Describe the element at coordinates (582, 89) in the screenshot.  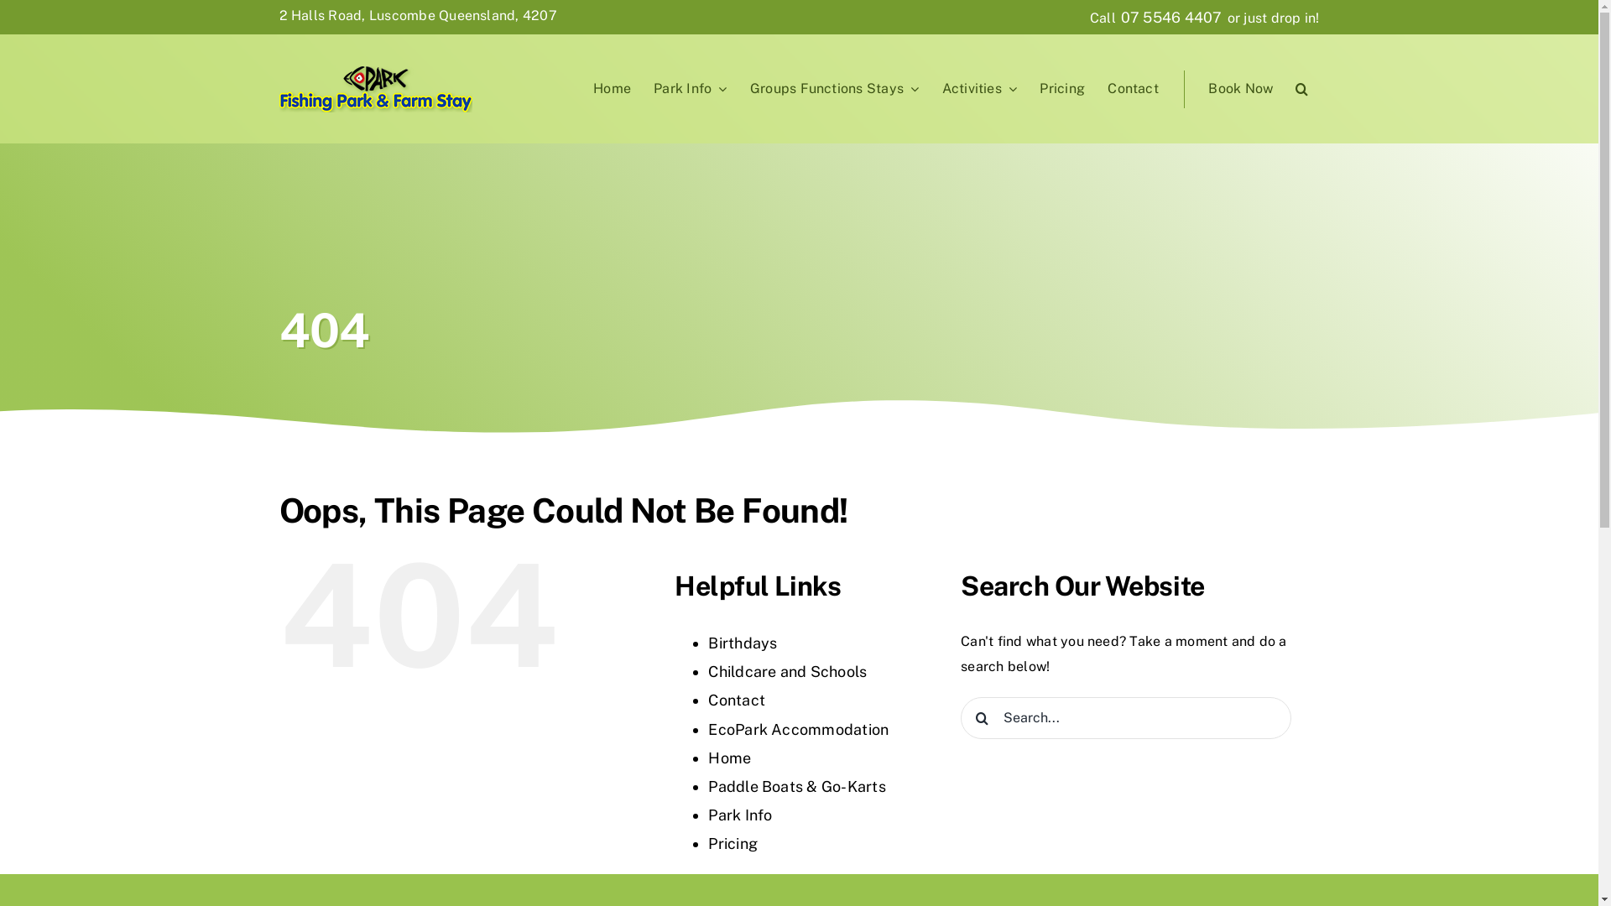
I see `'Home'` at that location.